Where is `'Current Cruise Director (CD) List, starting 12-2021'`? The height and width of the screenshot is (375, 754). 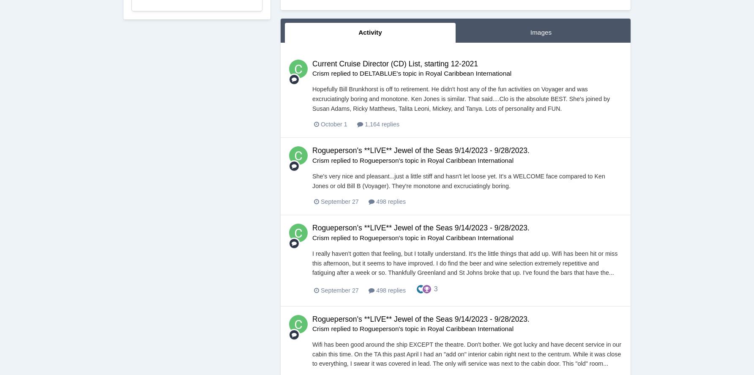 'Current Cruise Director (CD) List, starting 12-2021' is located at coordinates (395, 63).